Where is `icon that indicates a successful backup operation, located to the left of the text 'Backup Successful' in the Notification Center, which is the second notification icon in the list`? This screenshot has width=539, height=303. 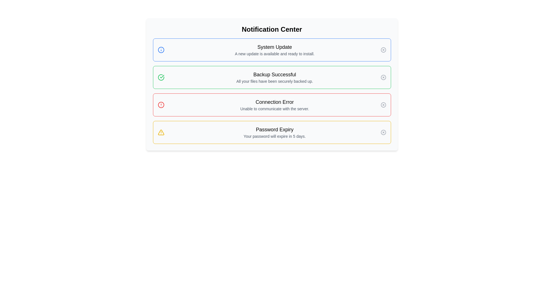 icon that indicates a successful backup operation, located to the left of the text 'Backup Successful' in the Notification Center, which is the second notification icon in the list is located at coordinates (161, 77).